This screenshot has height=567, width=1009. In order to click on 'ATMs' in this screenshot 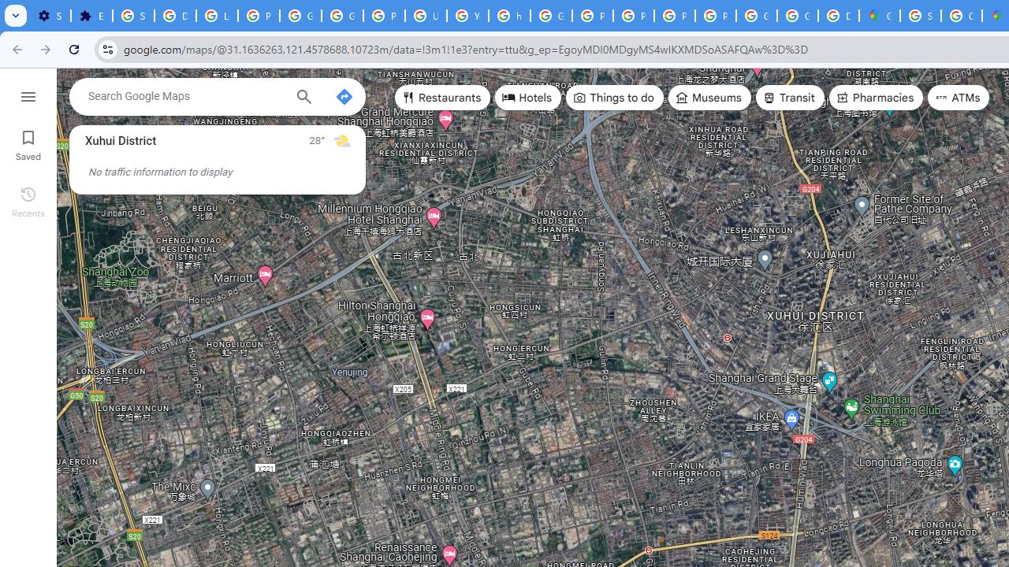, I will do `click(958, 98)`.